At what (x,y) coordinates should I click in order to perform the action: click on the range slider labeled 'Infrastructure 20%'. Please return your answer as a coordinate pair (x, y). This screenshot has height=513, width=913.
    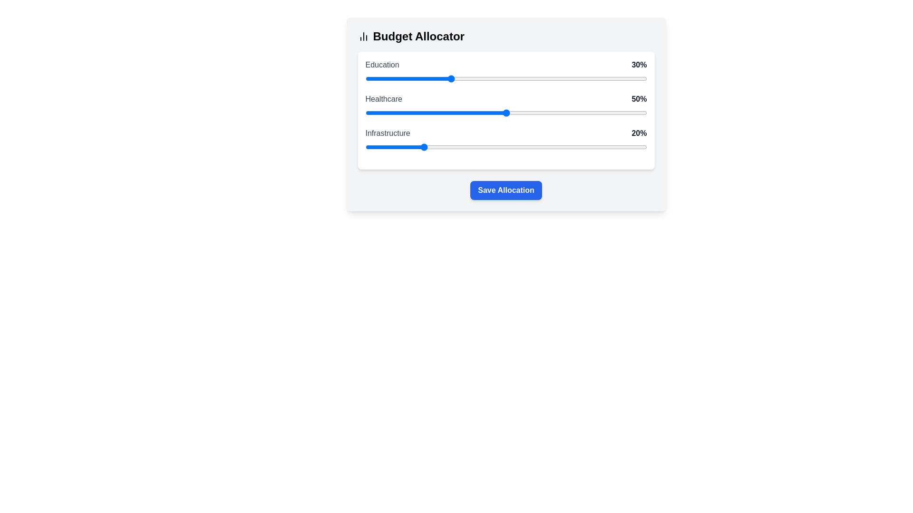
    Looking at the image, I should click on (505, 147).